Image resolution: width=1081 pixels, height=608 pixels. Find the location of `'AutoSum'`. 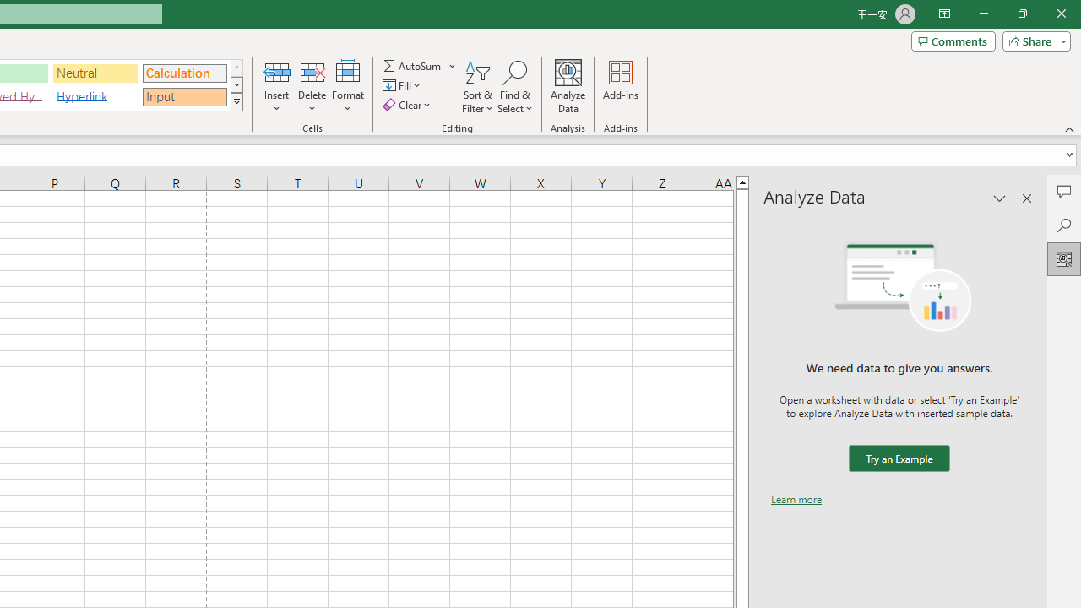

'AutoSum' is located at coordinates (420, 65).